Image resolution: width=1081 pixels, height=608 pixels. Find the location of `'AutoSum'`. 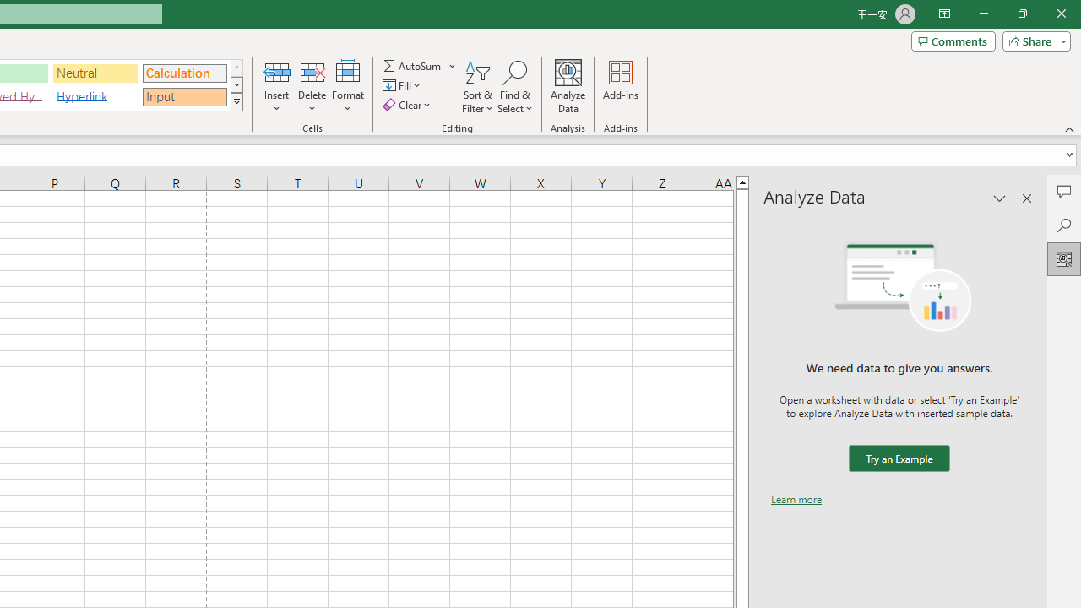

'AutoSum' is located at coordinates (420, 65).